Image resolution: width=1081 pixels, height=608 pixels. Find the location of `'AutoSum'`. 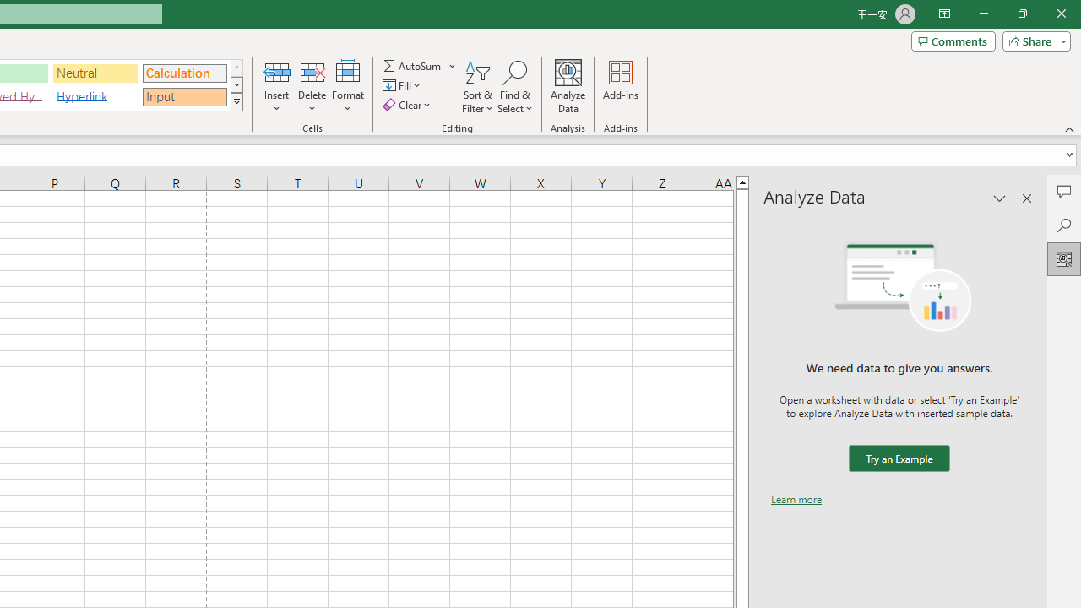

'AutoSum' is located at coordinates (420, 65).